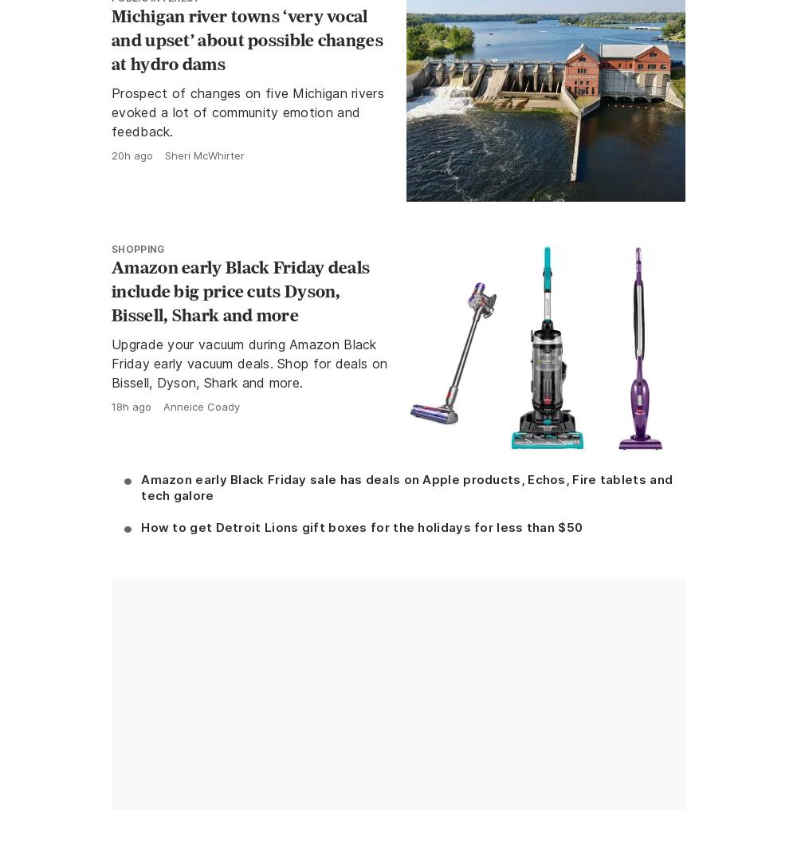 The width and height of the screenshot is (797, 850). Describe the element at coordinates (361, 525) in the screenshot. I see `'How to get Detroit Lions gift boxes for the holidays for less than $50'` at that location.